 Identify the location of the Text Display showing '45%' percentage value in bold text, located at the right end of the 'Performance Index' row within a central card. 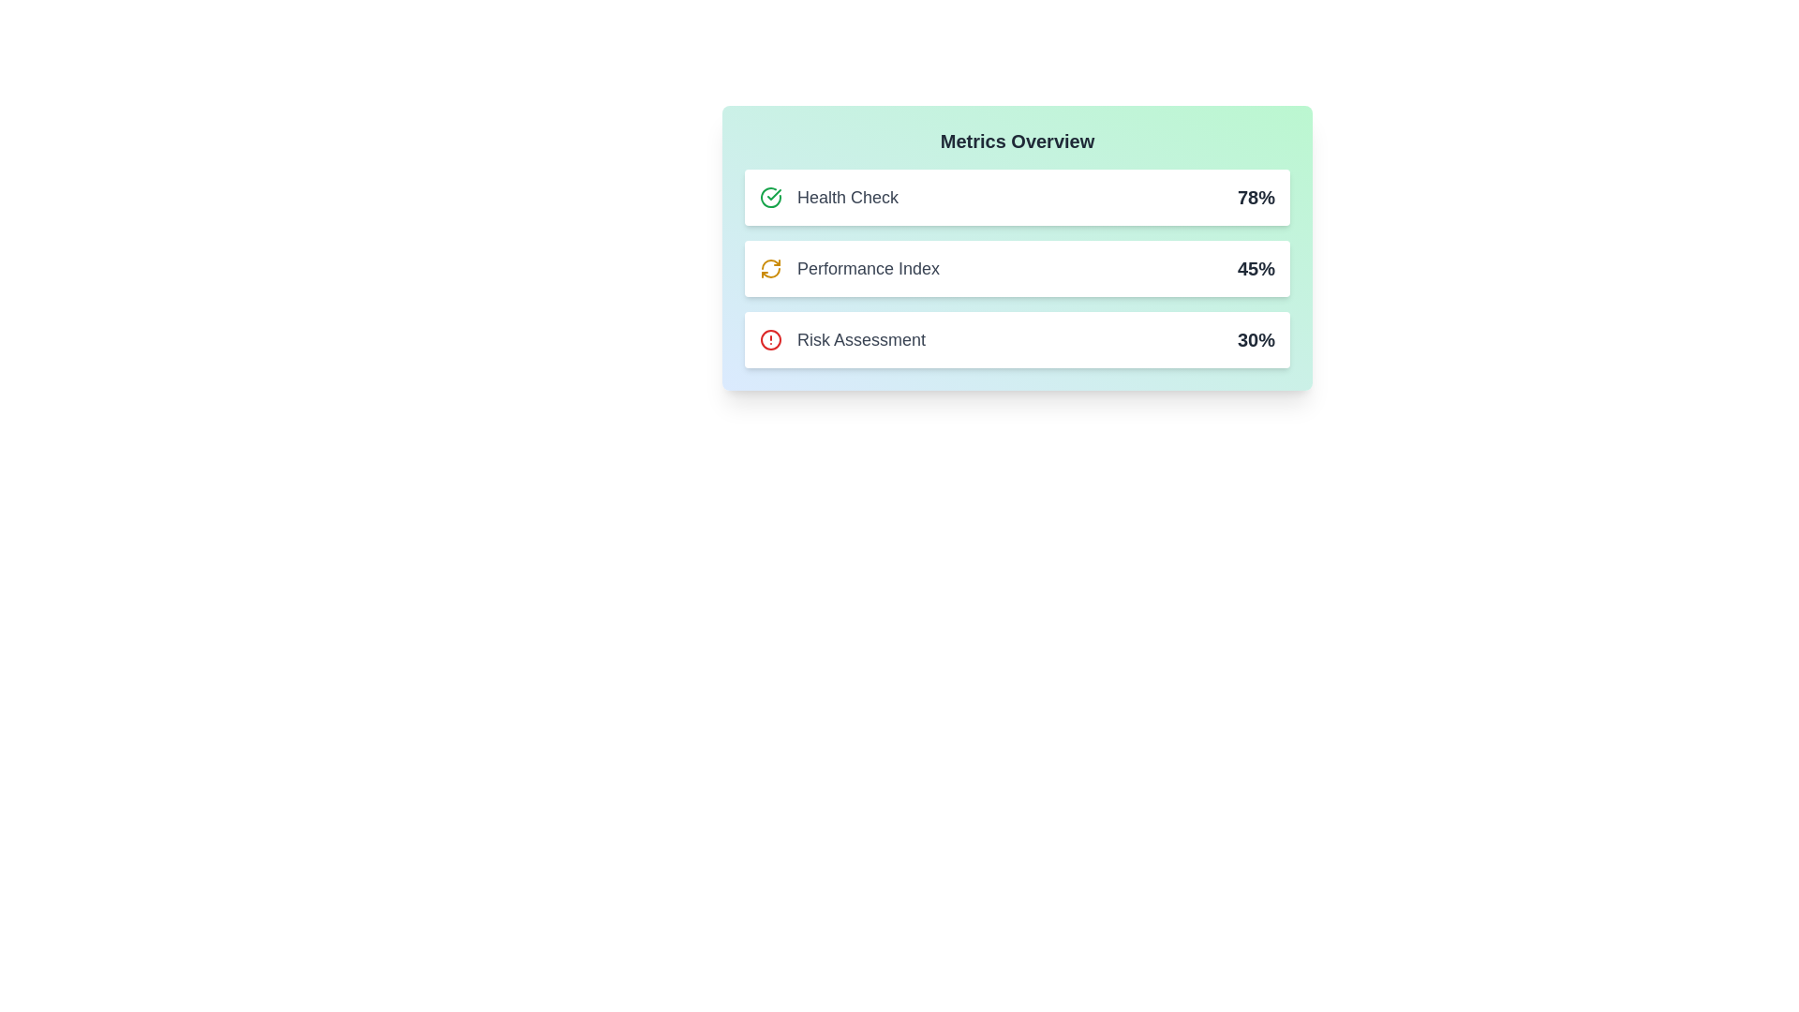
(1256, 268).